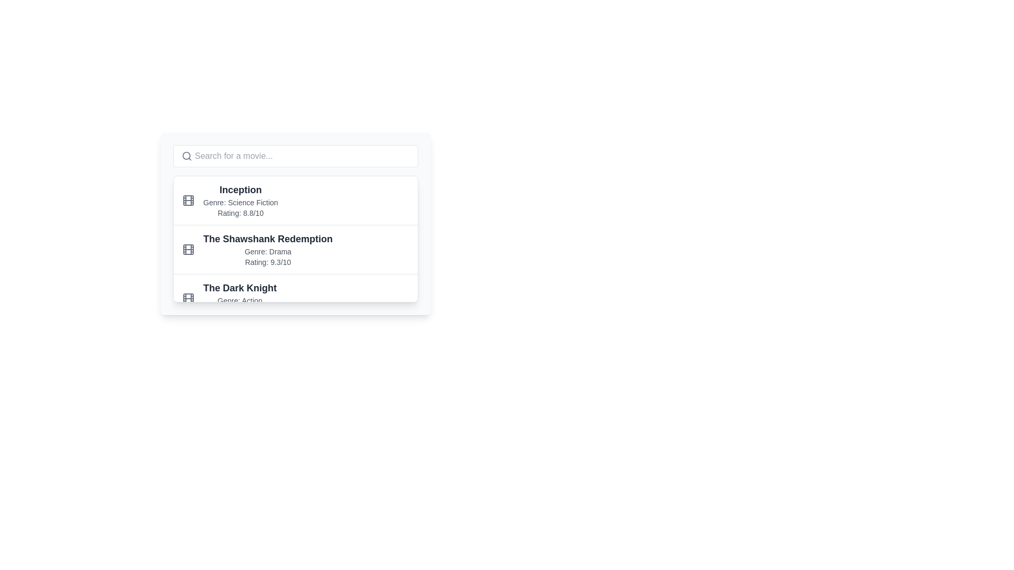  I want to click on the informational text element that displays the genre of the movie 'Inception', positioned beneath the title and above the rating, so click(240, 203).